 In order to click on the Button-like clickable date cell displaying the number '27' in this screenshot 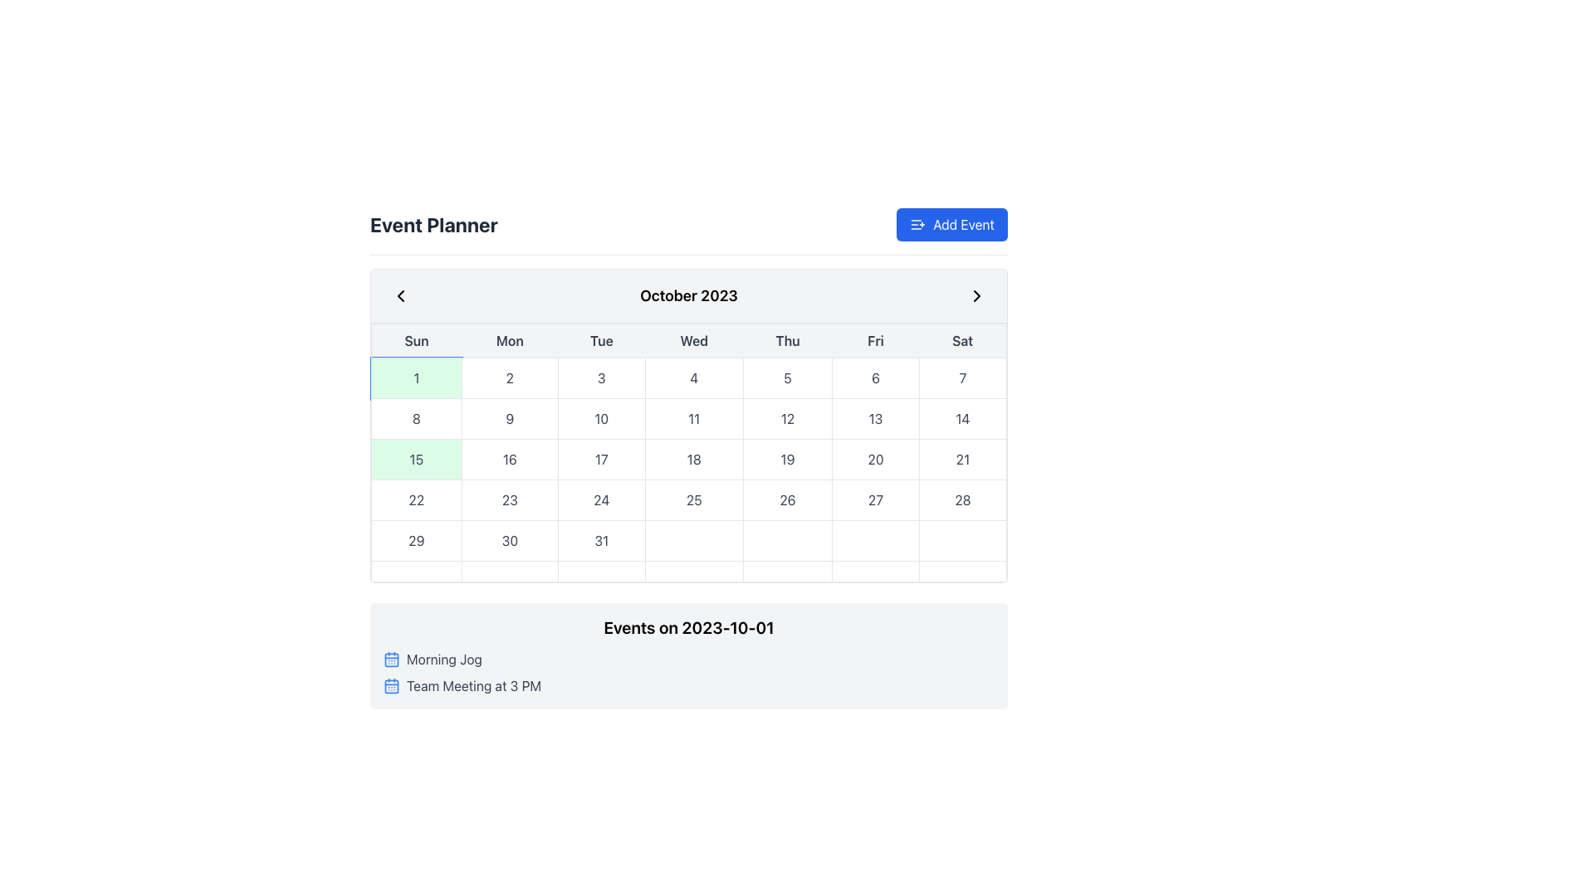, I will do `click(875, 499)`.